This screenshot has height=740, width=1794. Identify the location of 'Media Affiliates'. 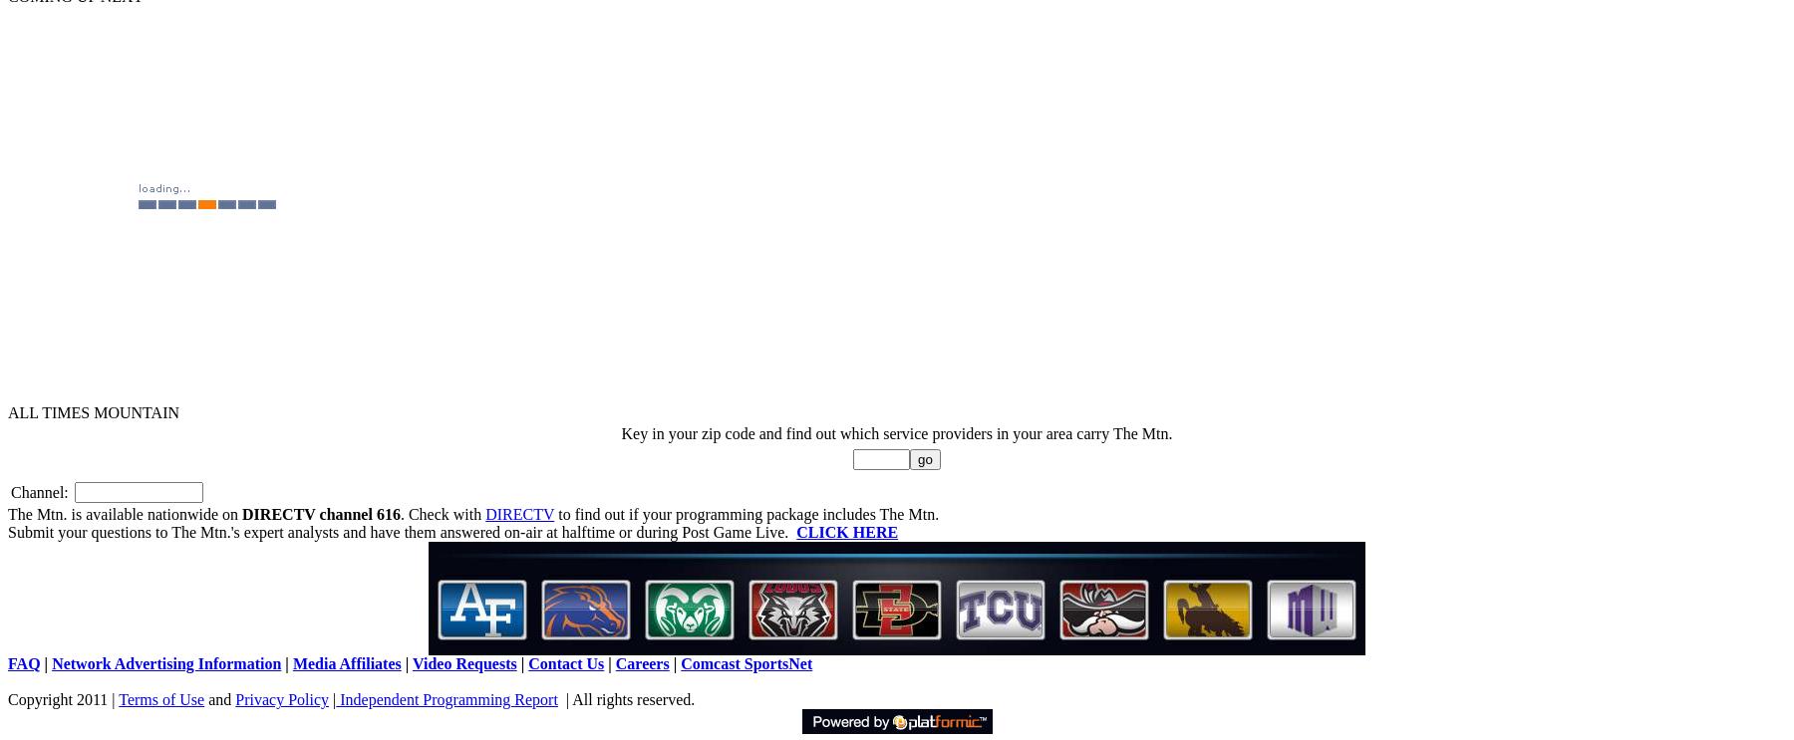
(291, 662).